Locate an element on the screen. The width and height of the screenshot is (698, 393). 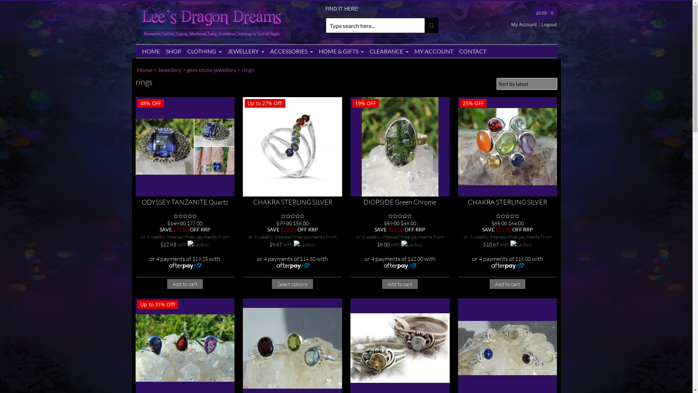
'CLOTHING' is located at coordinates (204, 51).